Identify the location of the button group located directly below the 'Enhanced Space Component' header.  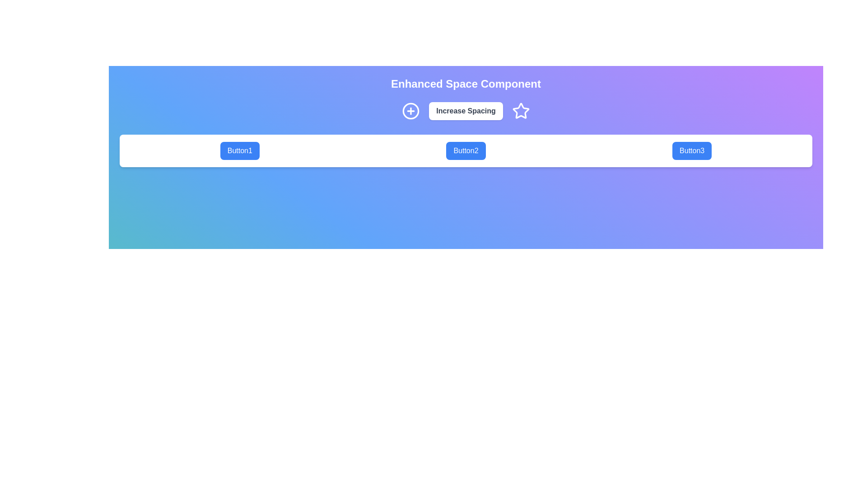
(466, 150).